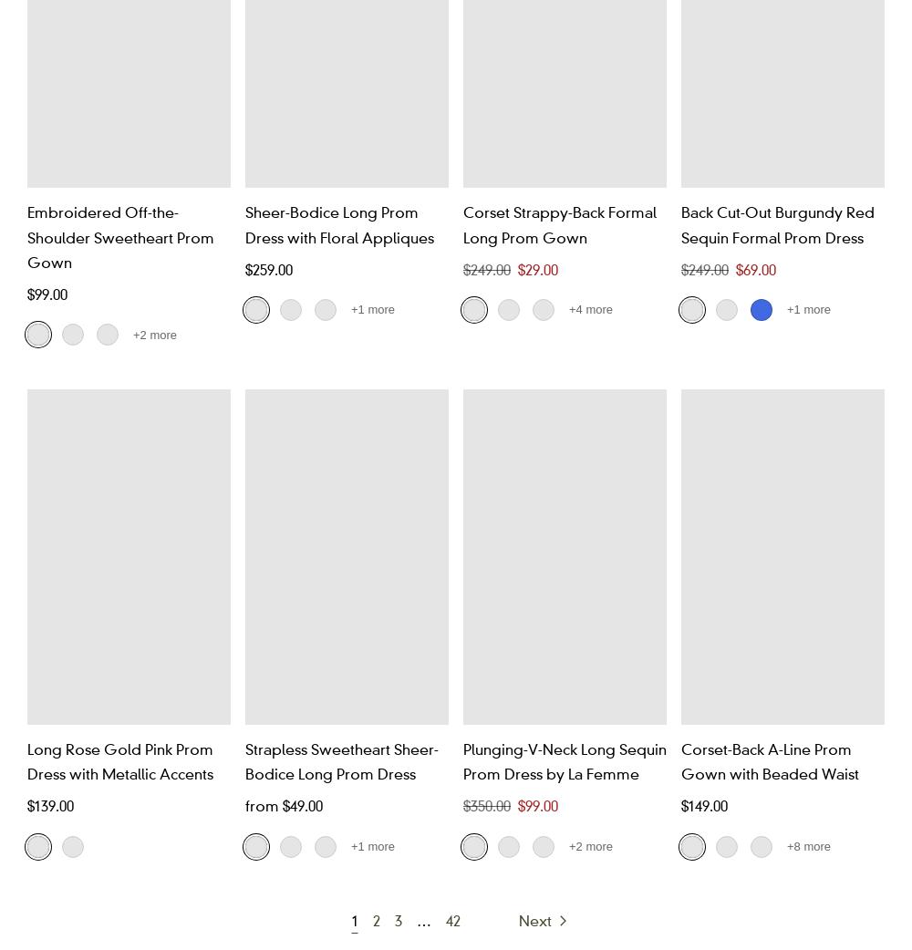 The image size is (912, 950). What do you see at coordinates (244, 520) in the screenshot?
I see `'Midnight Blue'` at bounding box center [244, 520].